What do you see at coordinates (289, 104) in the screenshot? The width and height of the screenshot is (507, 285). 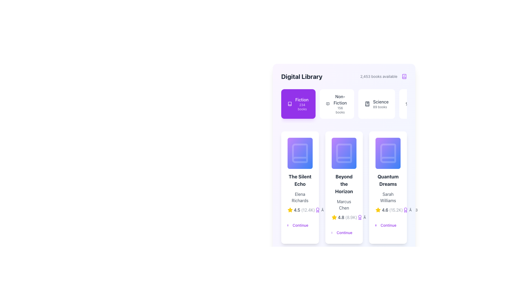 I see `the 'Fiction' category icon located in the top-left area of the interface` at bounding box center [289, 104].